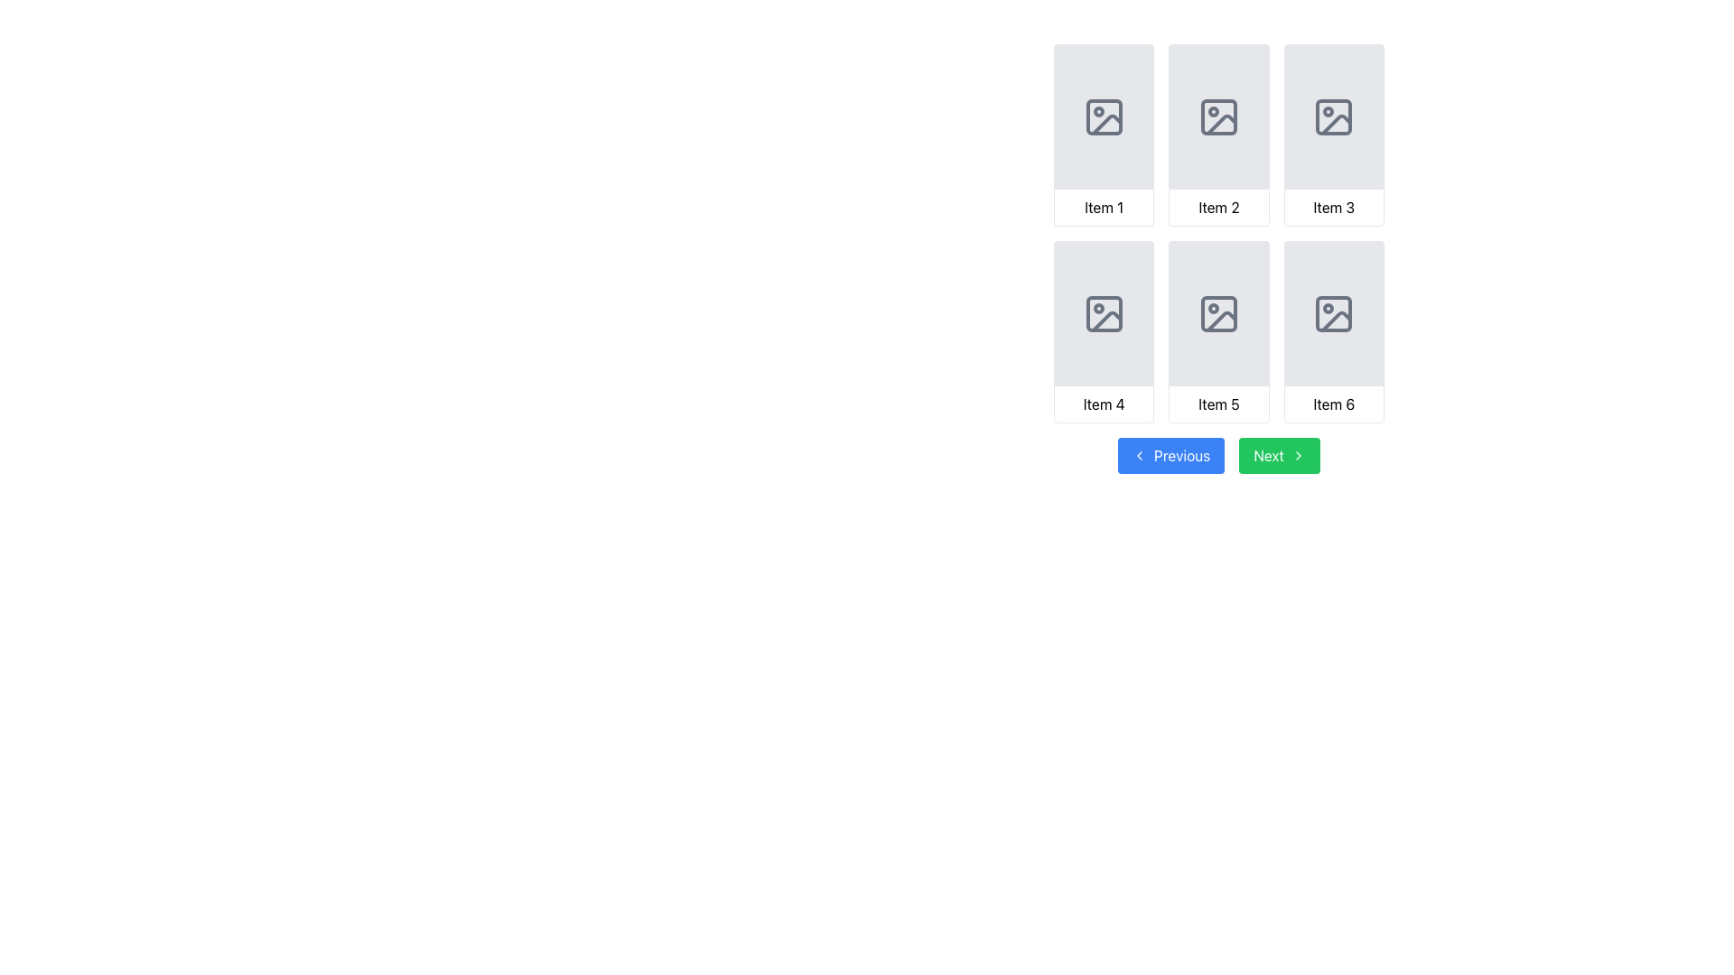 The width and height of the screenshot is (1734, 975). I want to click on the image placeholder icon located in the fourth card of a grid, positioned in the second row and first column, so click(1103, 312).